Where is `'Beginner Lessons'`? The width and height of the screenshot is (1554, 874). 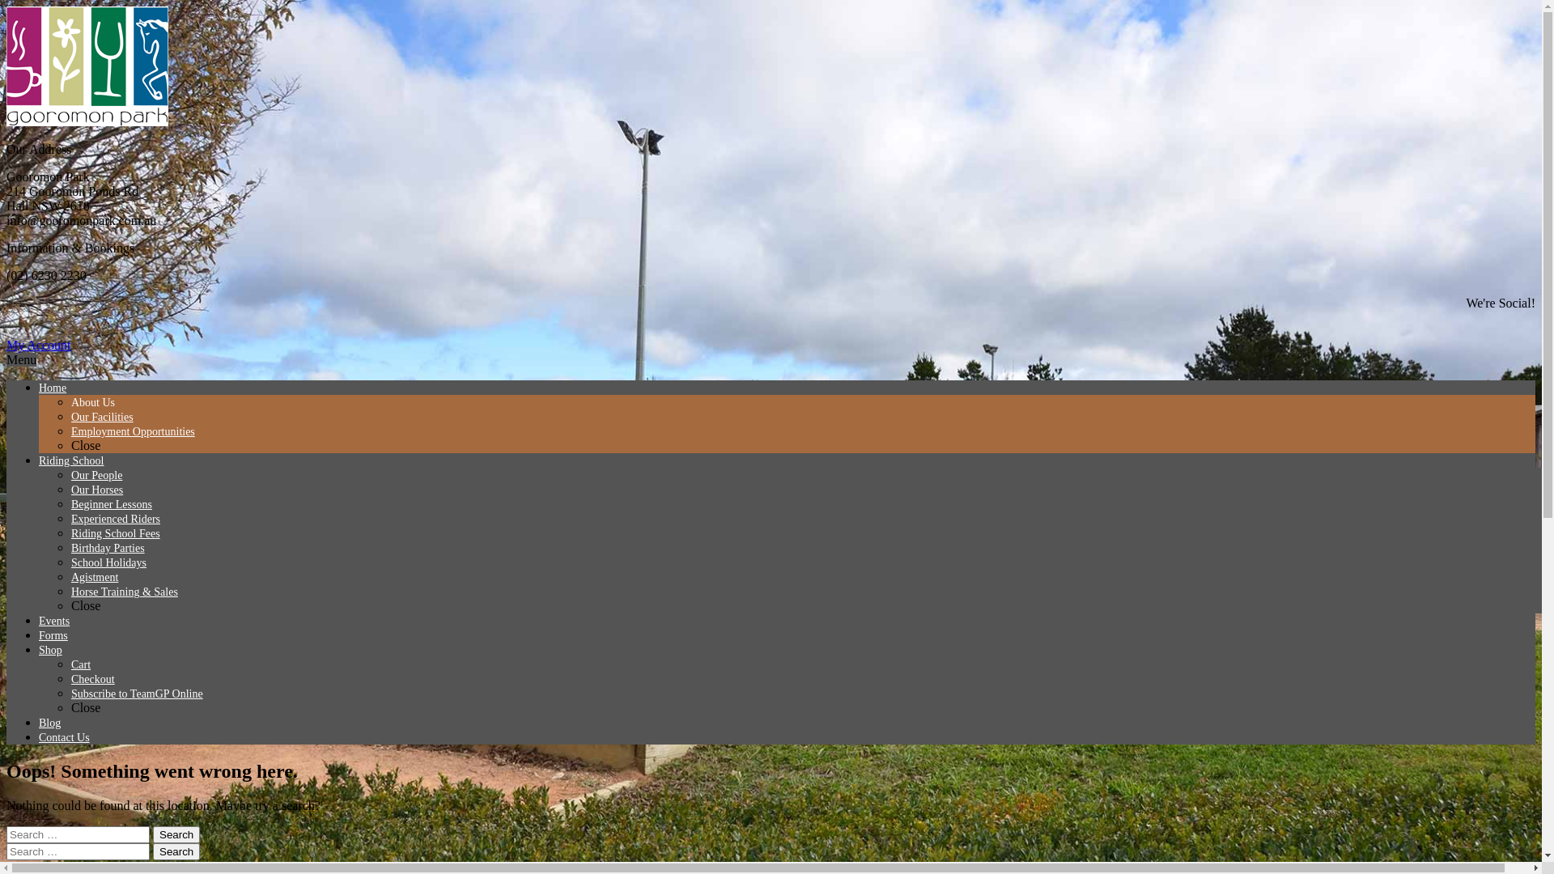
'Beginner Lessons' is located at coordinates (111, 503).